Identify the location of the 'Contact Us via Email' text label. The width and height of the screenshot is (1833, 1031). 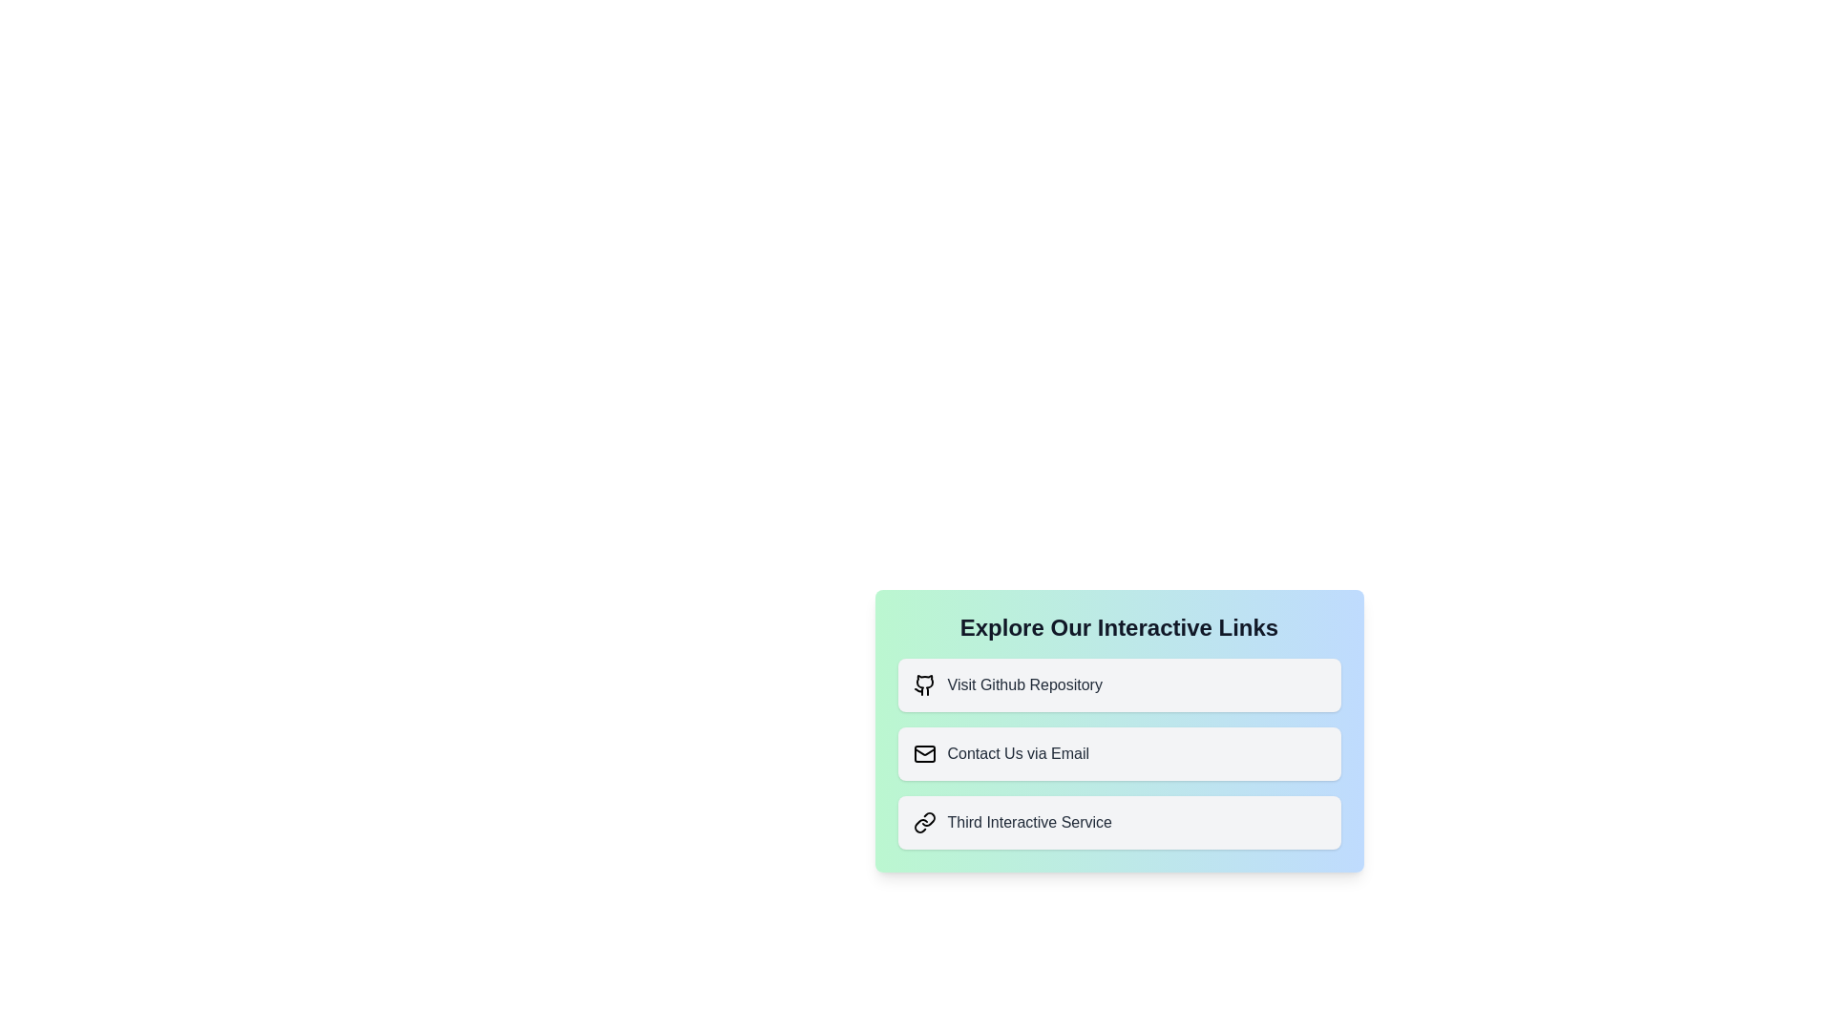
(1017, 753).